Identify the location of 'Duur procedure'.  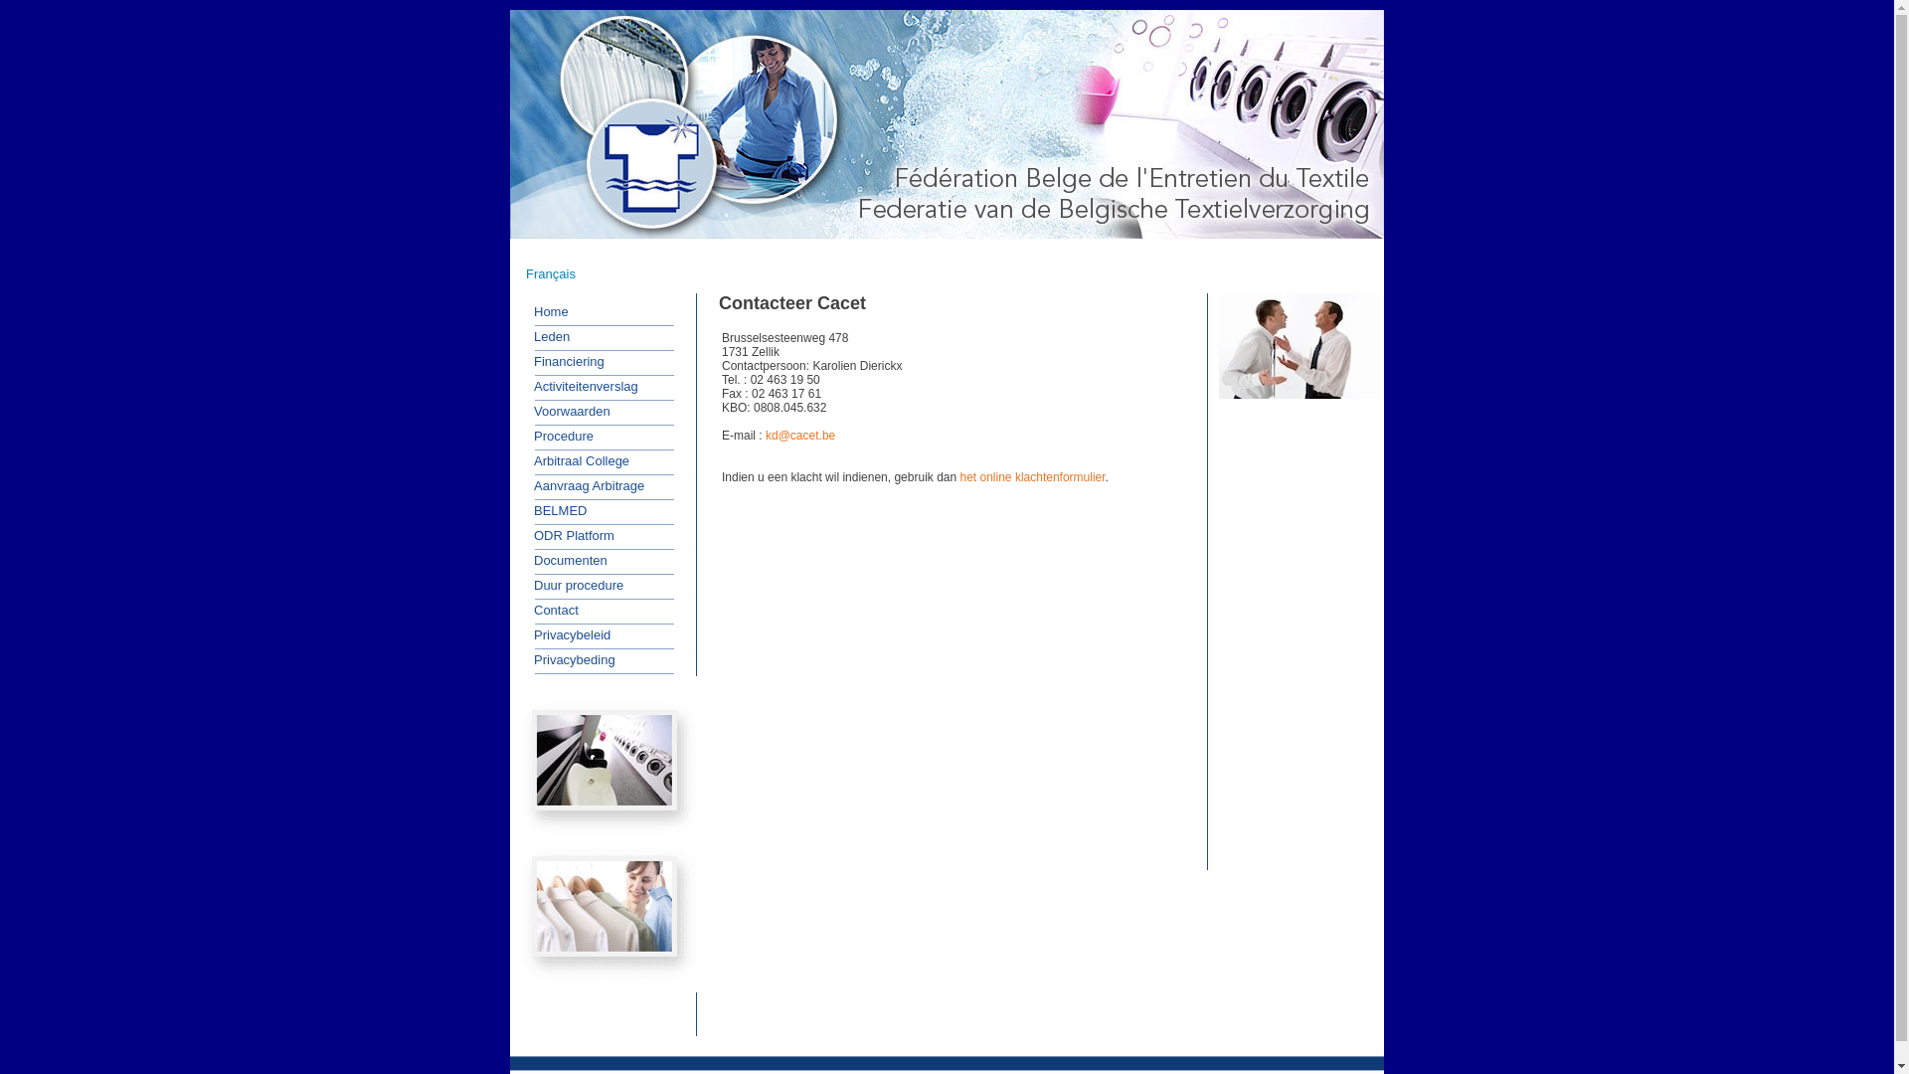
(520, 585).